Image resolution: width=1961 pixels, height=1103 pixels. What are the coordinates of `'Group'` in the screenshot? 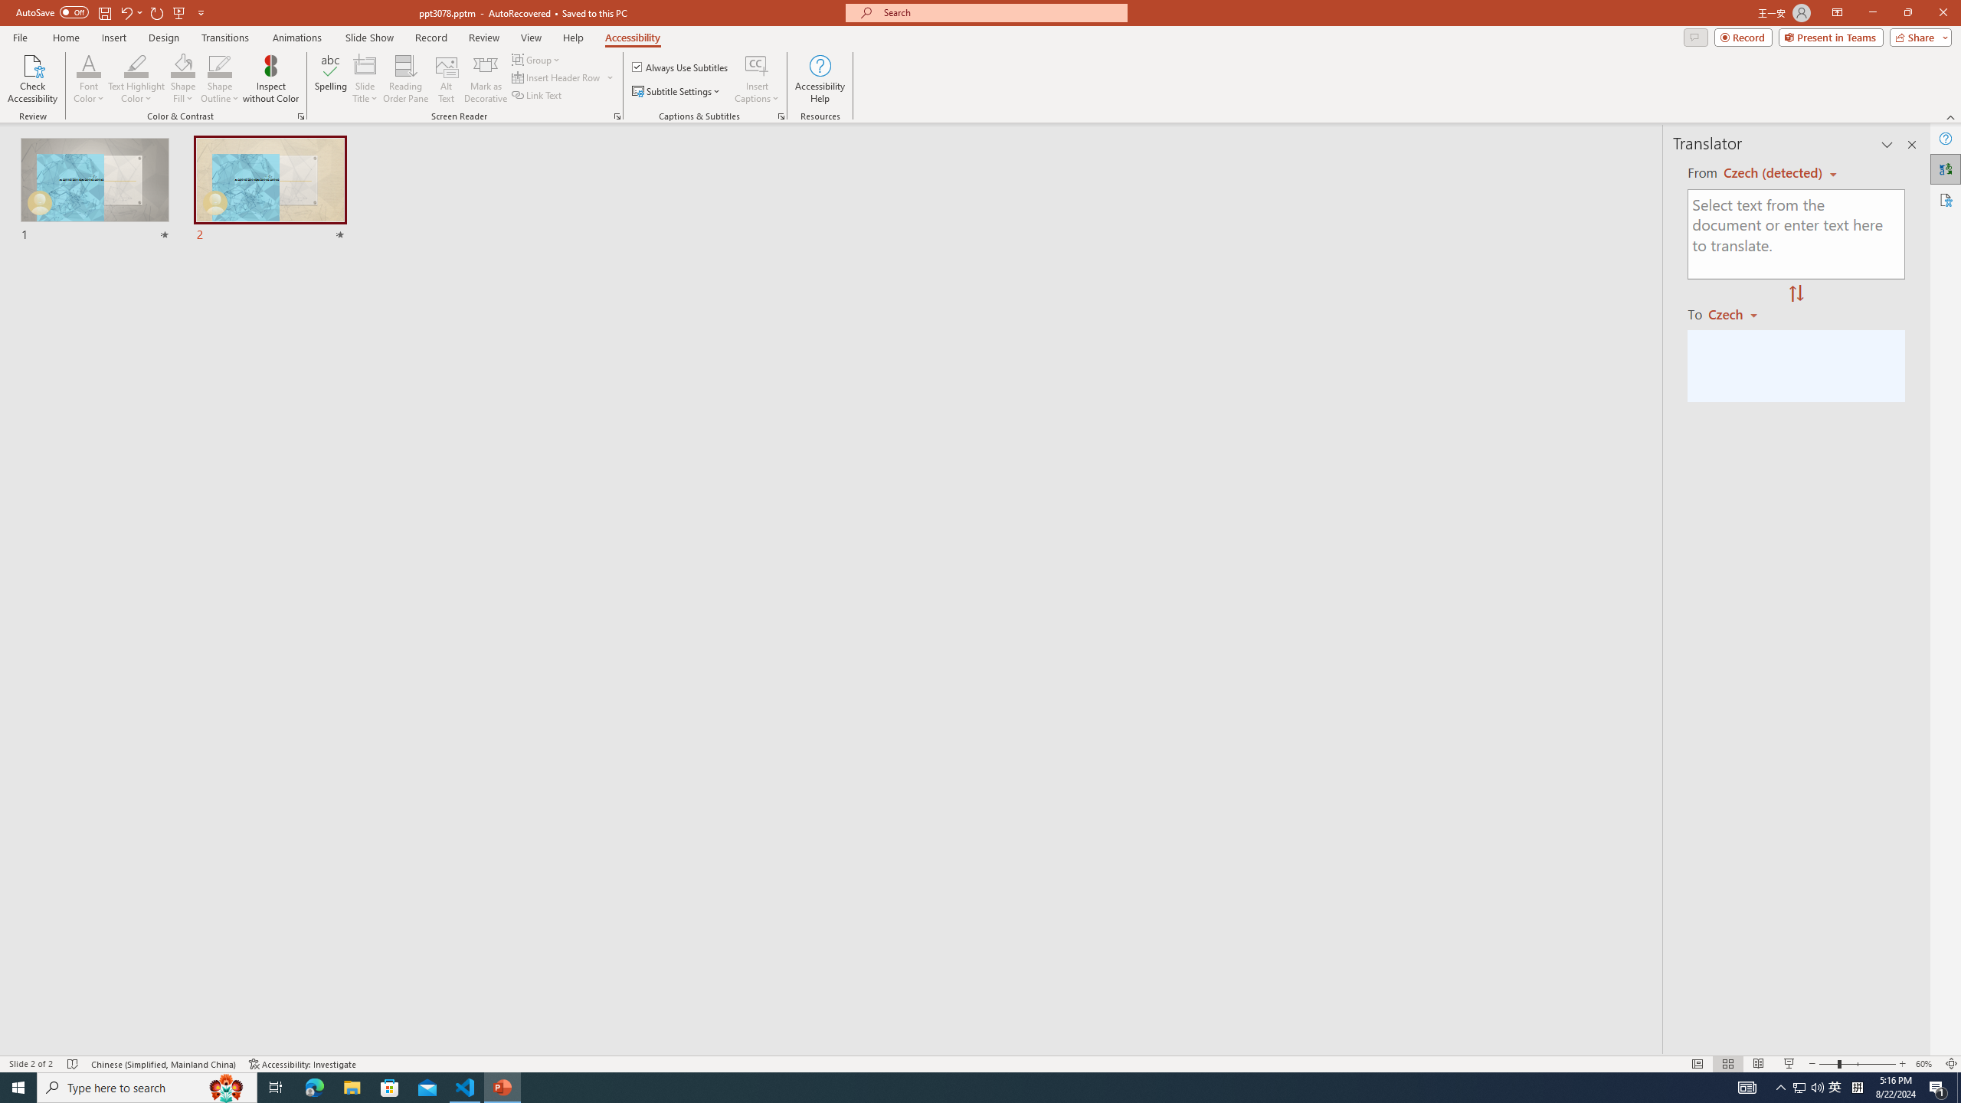 It's located at (537, 59).